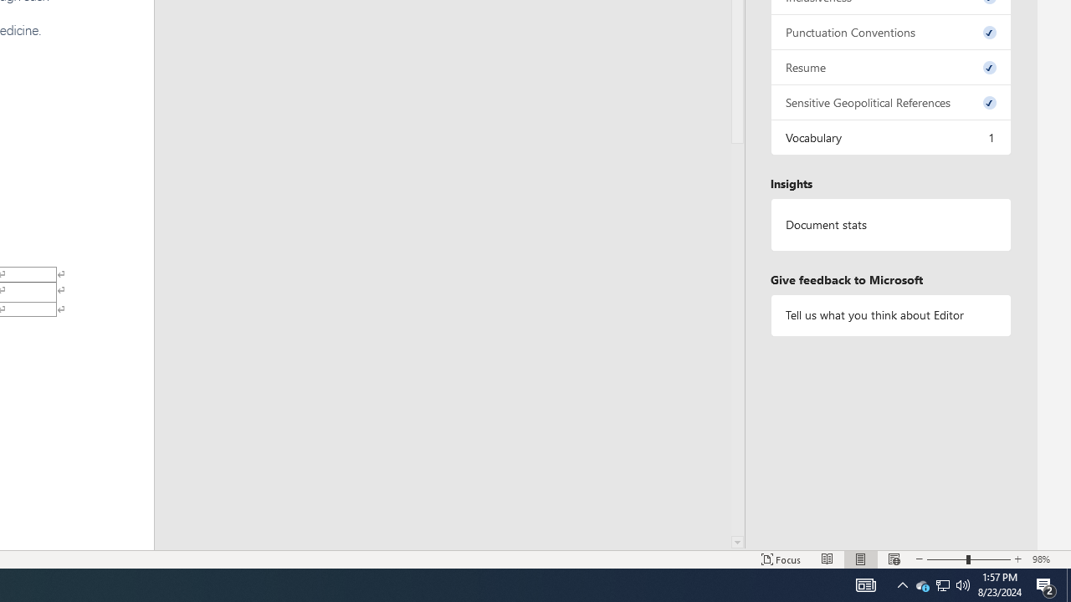 The image size is (1071, 602). I want to click on 'Print Layout', so click(861, 559).